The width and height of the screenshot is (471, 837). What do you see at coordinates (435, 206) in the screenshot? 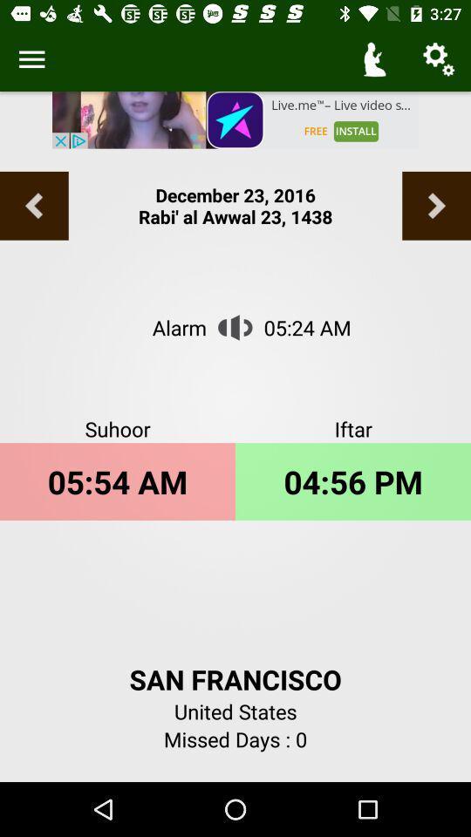
I see `the arrow_forward icon` at bounding box center [435, 206].